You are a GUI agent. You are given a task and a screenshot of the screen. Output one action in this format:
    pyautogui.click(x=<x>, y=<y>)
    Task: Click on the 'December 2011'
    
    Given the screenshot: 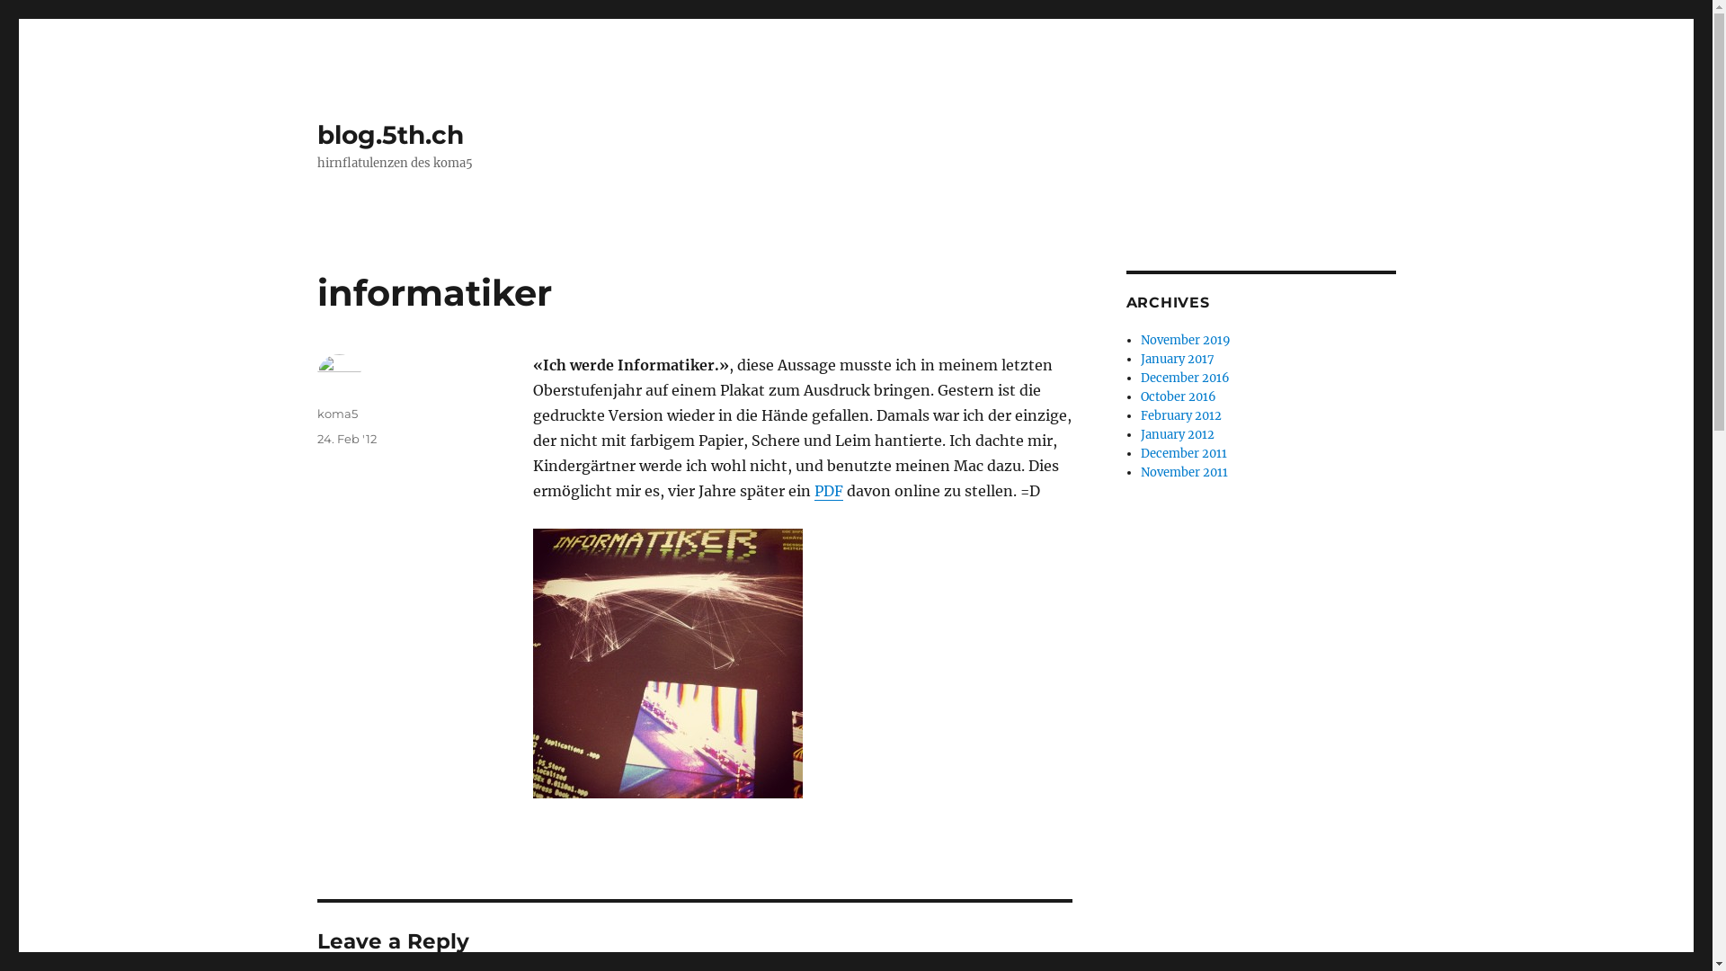 What is the action you would take?
    pyautogui.click(x=1139, y=452)
    